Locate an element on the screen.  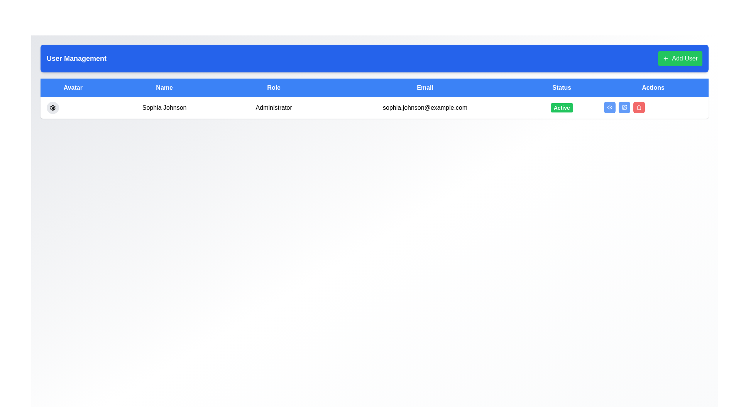
the 'Email' label, which is displayed in white text on a blue background, located in the fourth column of the header row of a table-like structure is located at coordinates (425, 87).